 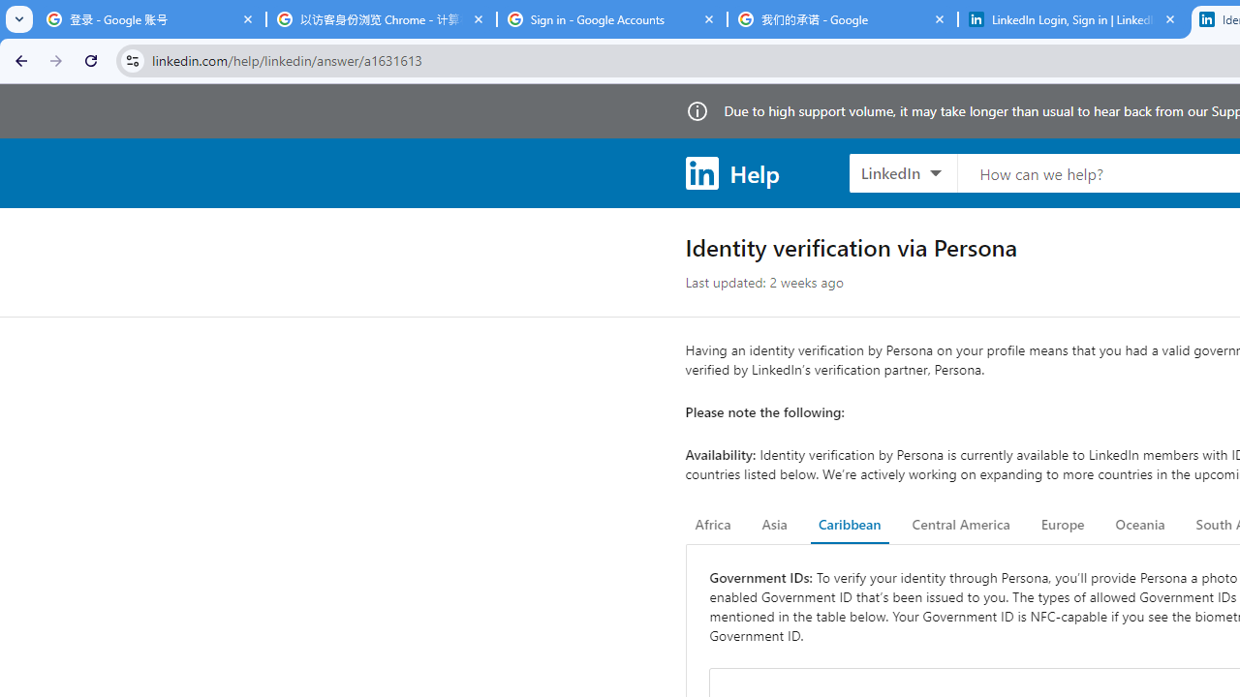 What do you see at coordinates (773, 525) in the screenshot?
I see `'Asia'` at bounding box center [773, 525].